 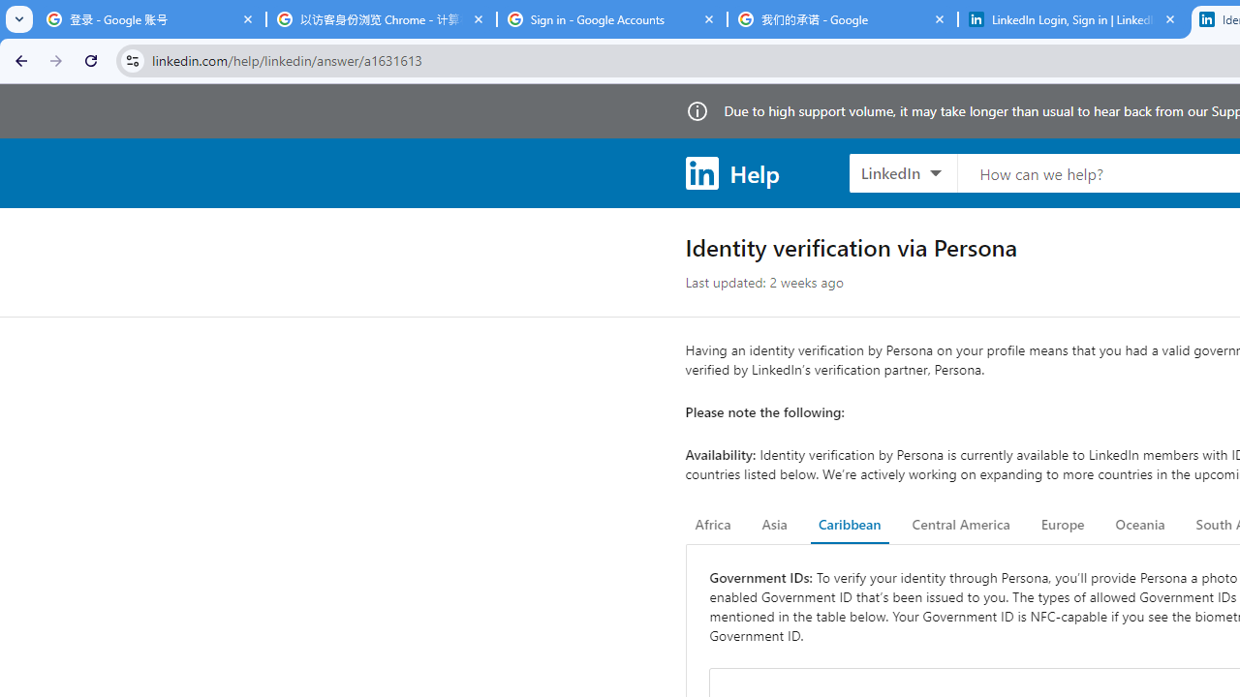 What do you see at coordinates (773, 525) in the screenshot?
I see `'Asia'` at bounding box center [773, 525].